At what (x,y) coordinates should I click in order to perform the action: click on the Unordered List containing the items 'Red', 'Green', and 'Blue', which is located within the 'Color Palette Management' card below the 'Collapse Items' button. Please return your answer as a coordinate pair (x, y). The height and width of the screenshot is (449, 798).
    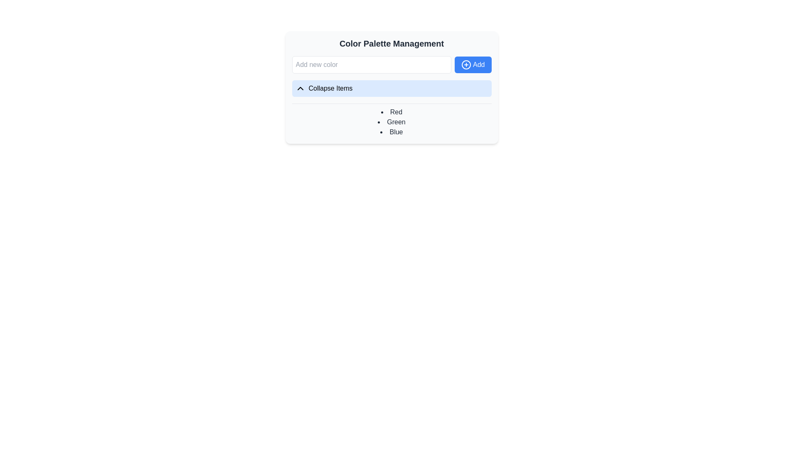
    Looking at the image, I should click on (391, 120).